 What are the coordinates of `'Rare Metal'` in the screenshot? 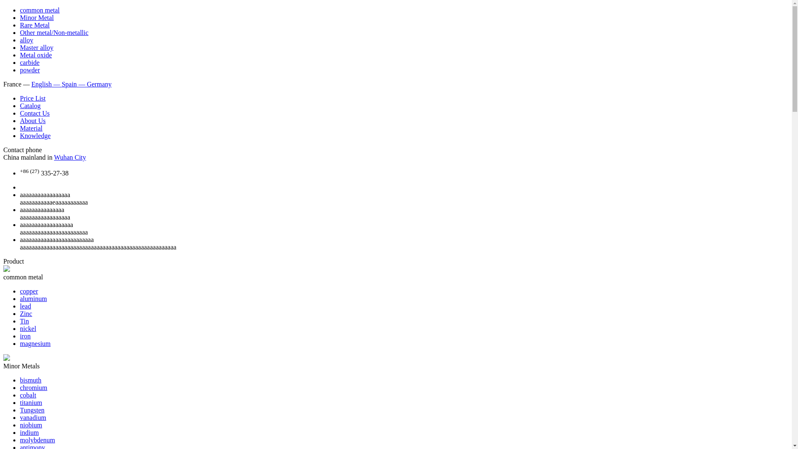 It's located at (34, 25).